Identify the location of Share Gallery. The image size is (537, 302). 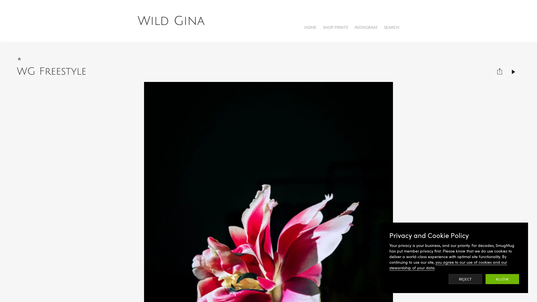
(500, 68).